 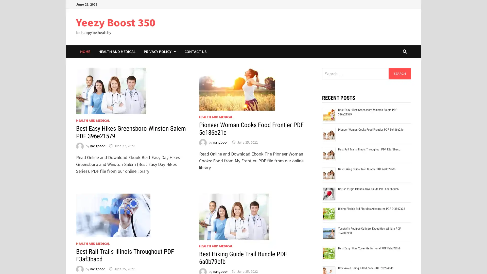 I want to click on Search, so click(x=399, y=73).